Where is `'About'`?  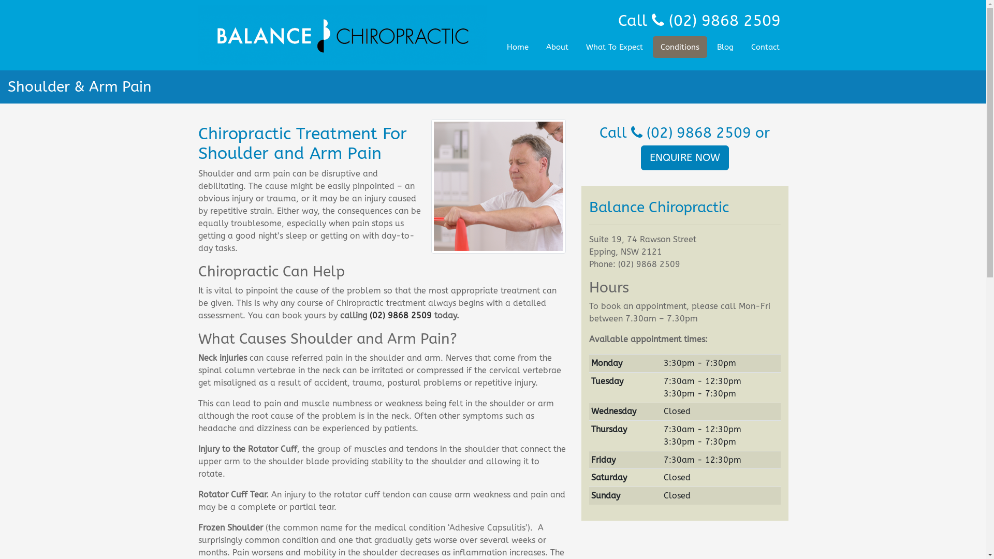
'About' is located at coordinates (557, 47).